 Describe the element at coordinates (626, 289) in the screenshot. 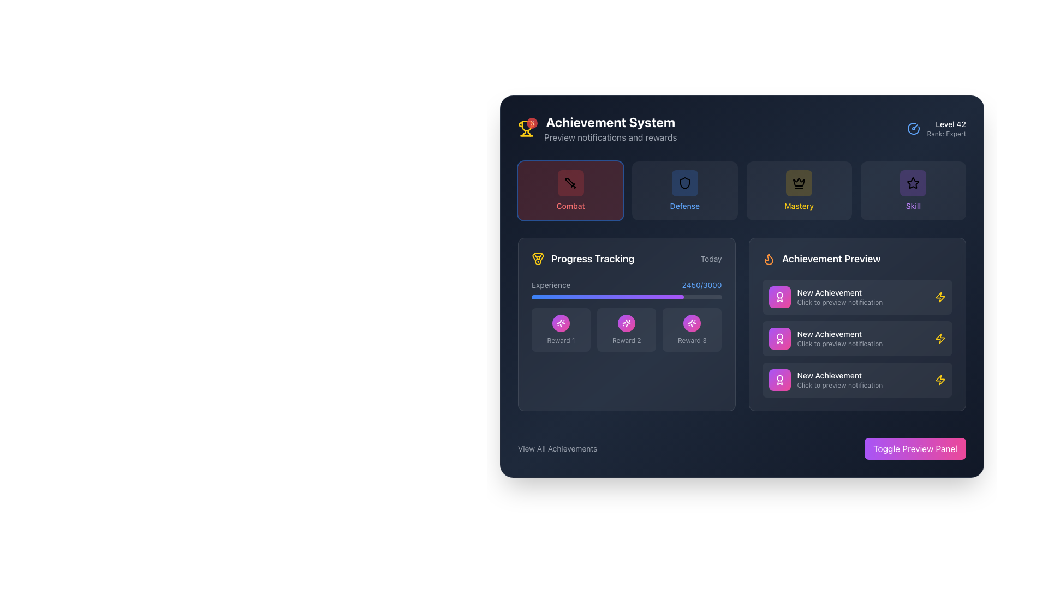

I see `the progress bar labeled 'Experience' within the 'Progress Tracking' section of the 'Achievement System' panel to interact with it` at that location.